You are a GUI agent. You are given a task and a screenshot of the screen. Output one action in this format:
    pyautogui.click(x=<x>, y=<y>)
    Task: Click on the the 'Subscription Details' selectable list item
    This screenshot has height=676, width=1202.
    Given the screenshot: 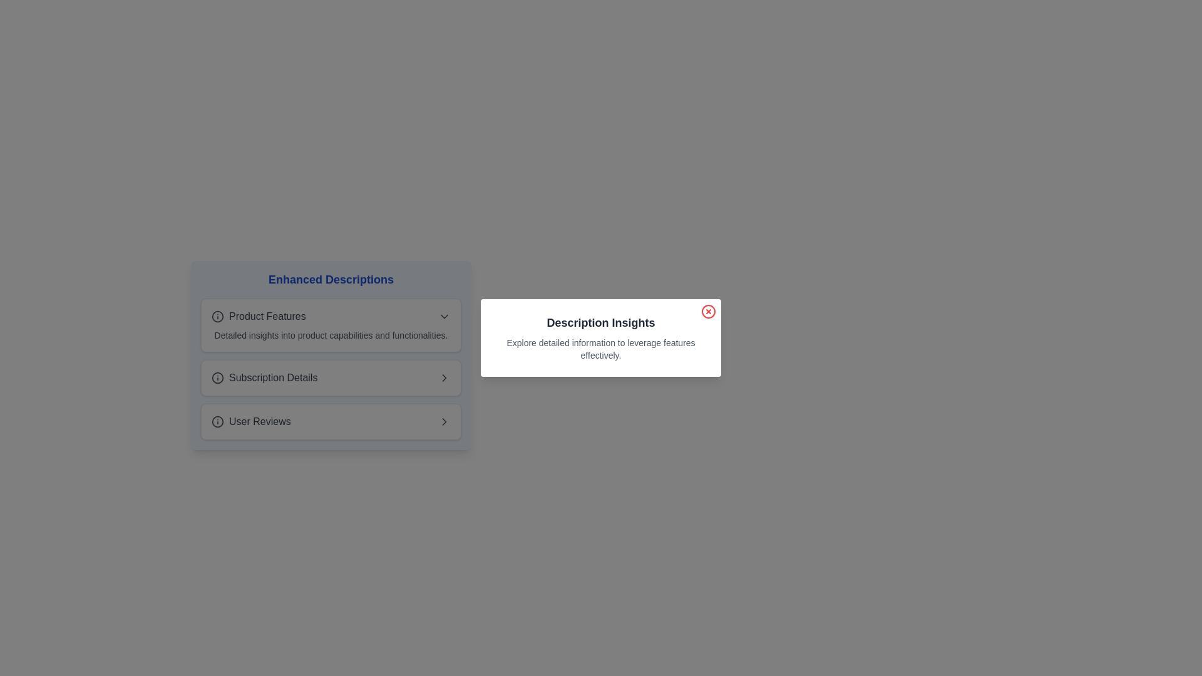 What is the action you would take?
    pyautogui.click(x=331, y=377)
    